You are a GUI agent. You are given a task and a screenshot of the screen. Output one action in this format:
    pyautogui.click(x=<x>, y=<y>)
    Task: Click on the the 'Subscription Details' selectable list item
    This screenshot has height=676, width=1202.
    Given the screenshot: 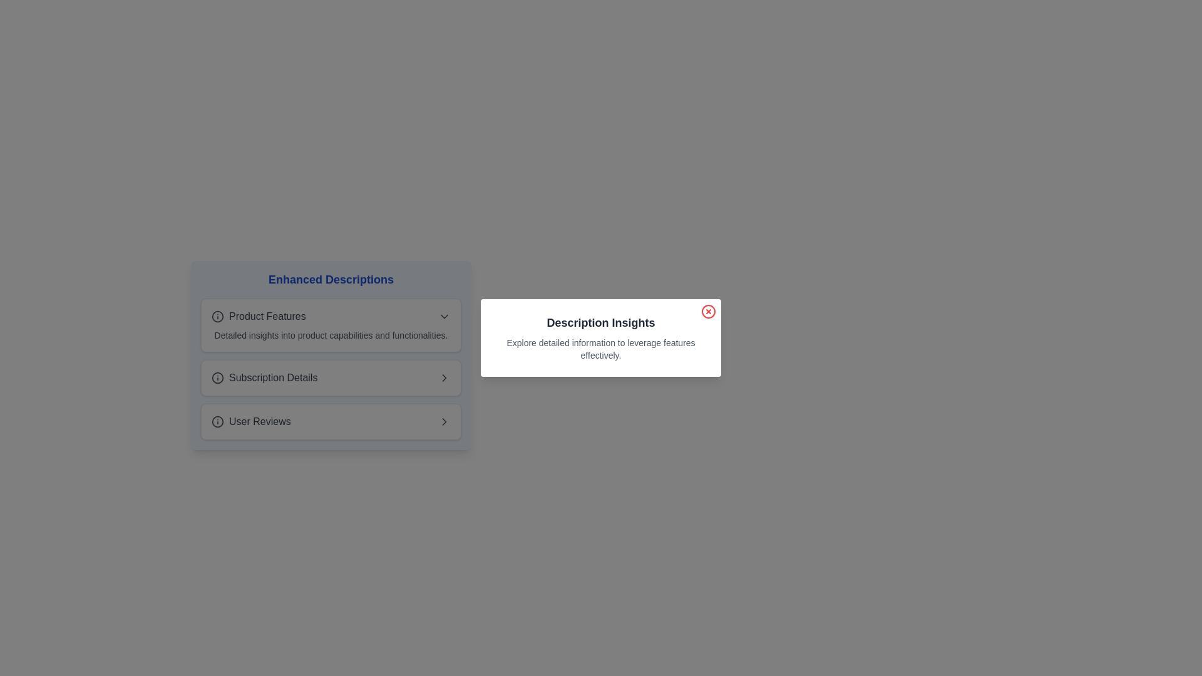 What is the action you would take?
    pyautogui.click(x=331, y=377)
    